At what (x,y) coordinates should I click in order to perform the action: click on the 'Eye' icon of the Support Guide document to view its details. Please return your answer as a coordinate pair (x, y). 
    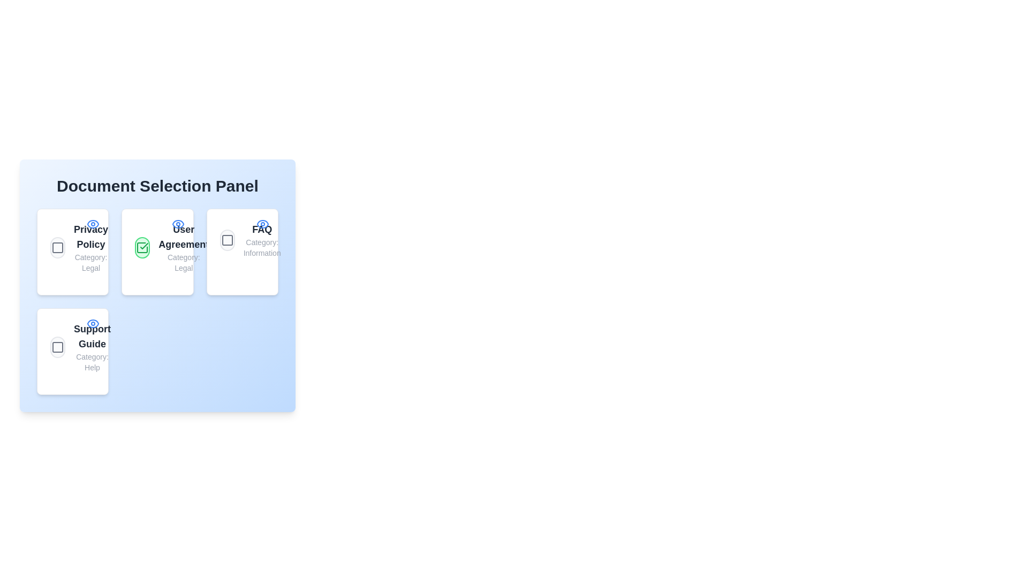
    Looking at the image, I should click on (93, 323).